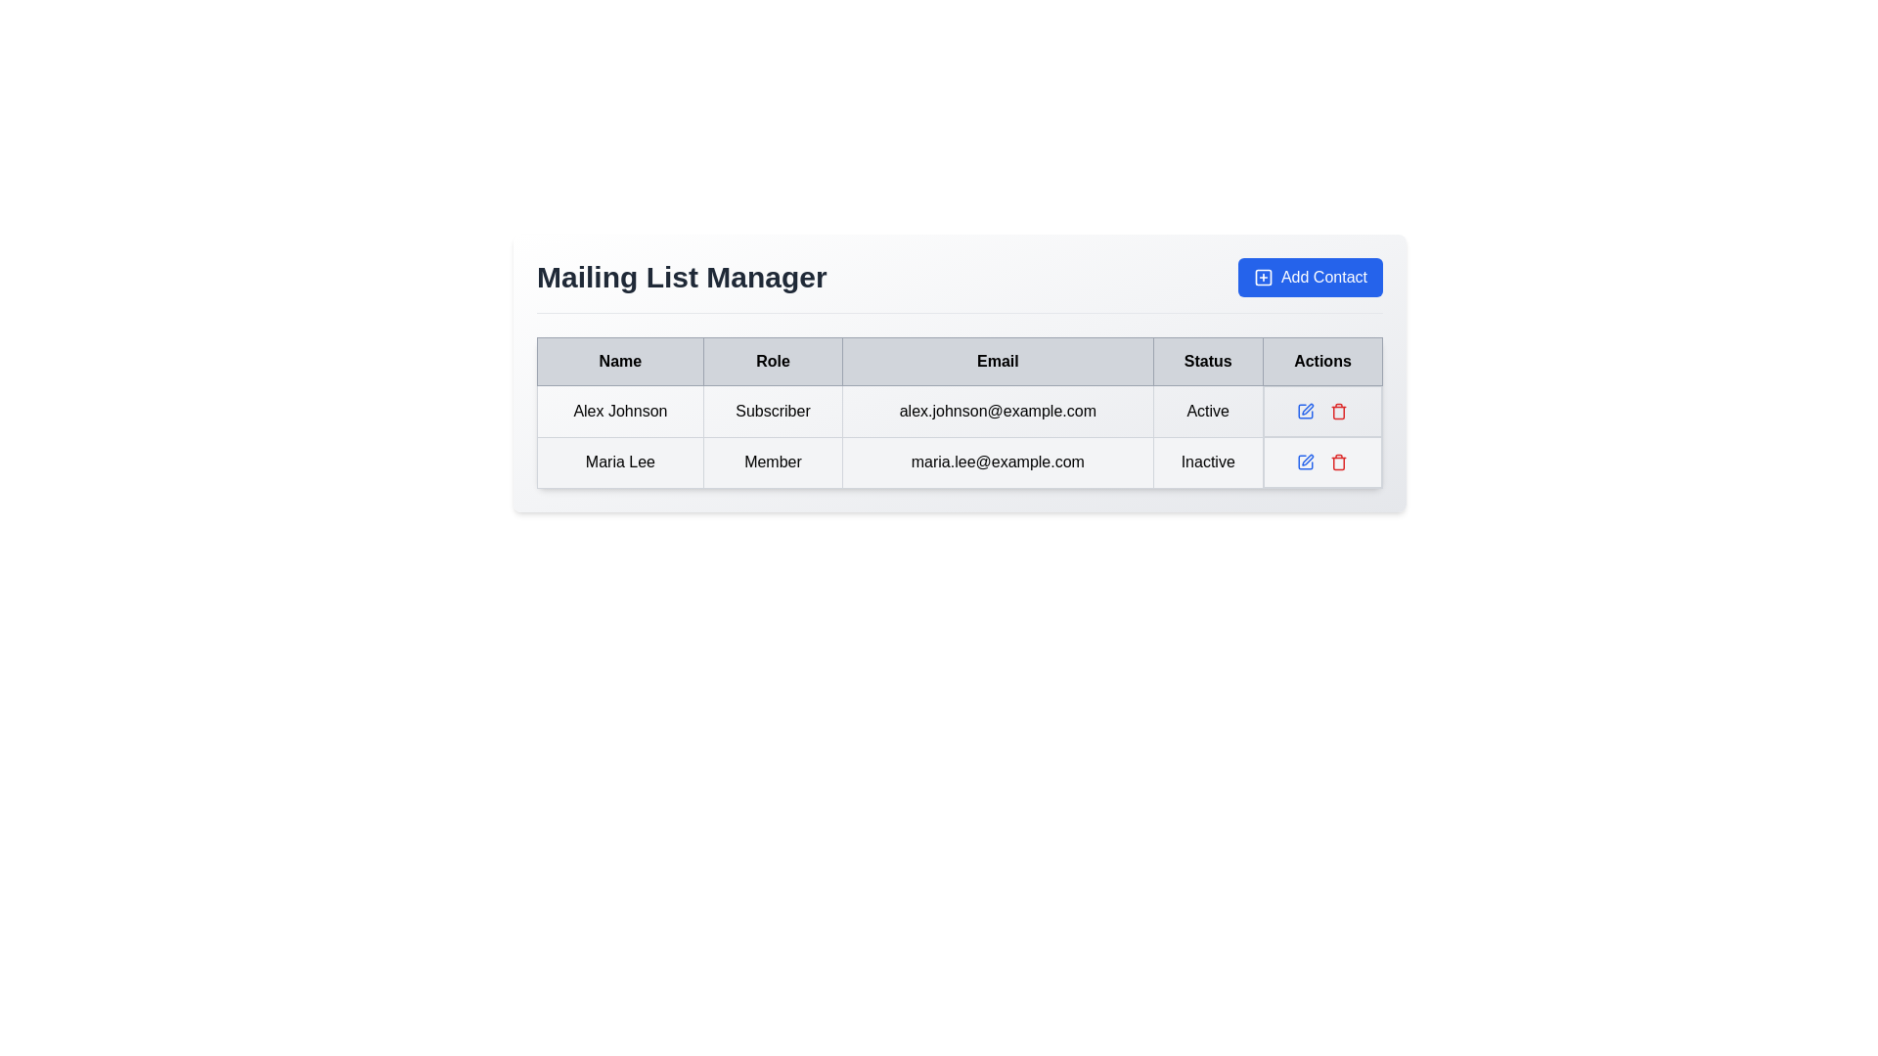 This screenshot has width=1878, height=1056. What do you see at coordinates (960, 436) in the screenshot?
I see `the second row of the user details table, which contains cells for name, role, email, status, and actions` at bounding box center [960, 436].